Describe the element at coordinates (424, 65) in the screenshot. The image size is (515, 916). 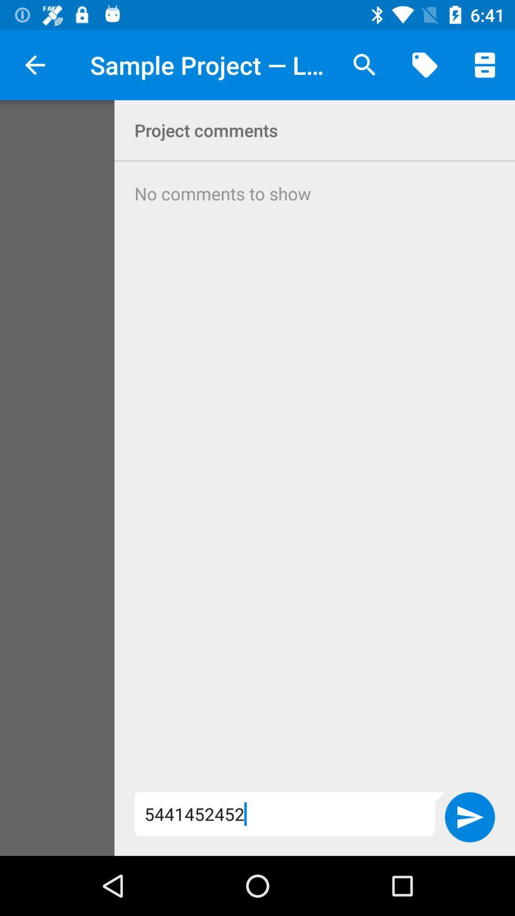
I see `the tag icon` at that location.